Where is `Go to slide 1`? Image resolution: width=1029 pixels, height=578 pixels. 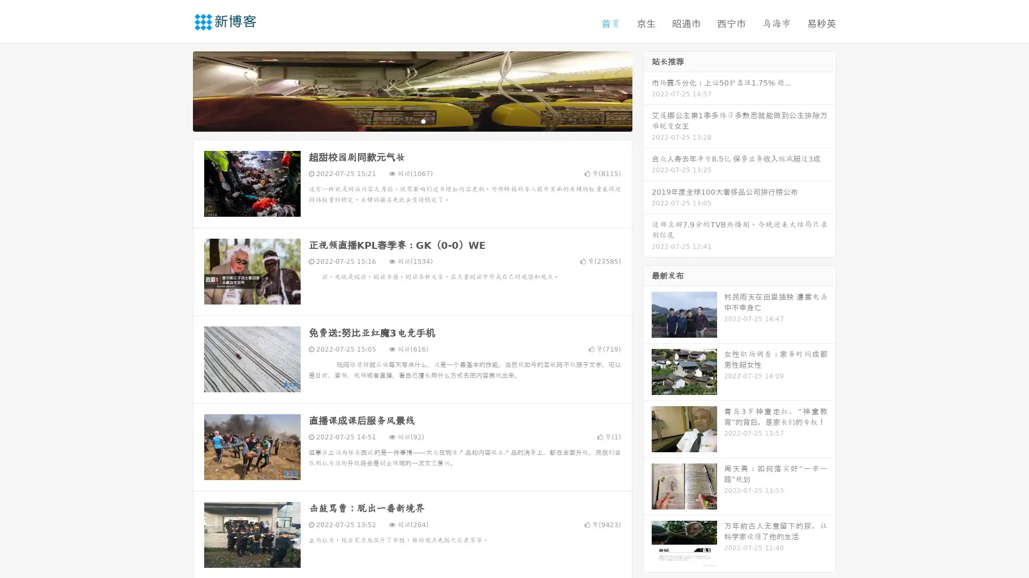
Go to slide 1 is located at coordinates (401, 120).